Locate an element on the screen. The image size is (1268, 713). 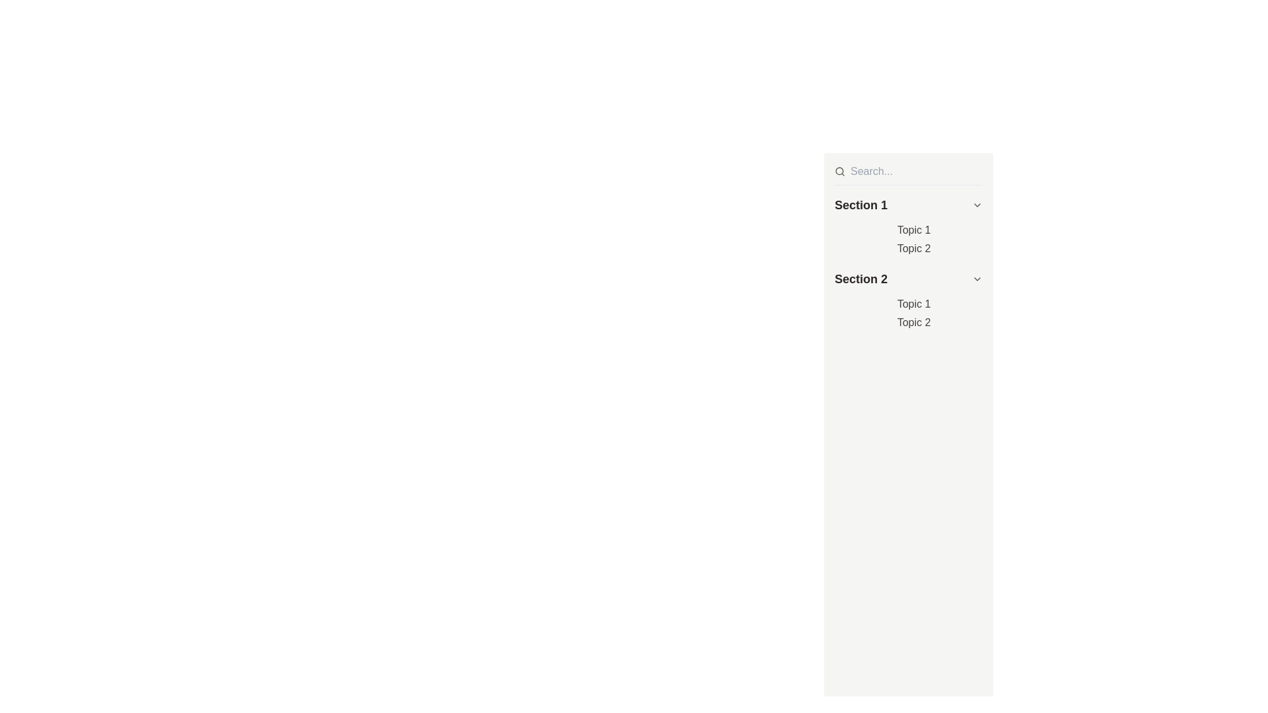
the list of text items containing 'Topic 1' and 'Topic 2' located in the second section labeled 'Section 2' for interaction hints is located at coordinates (908, 313).